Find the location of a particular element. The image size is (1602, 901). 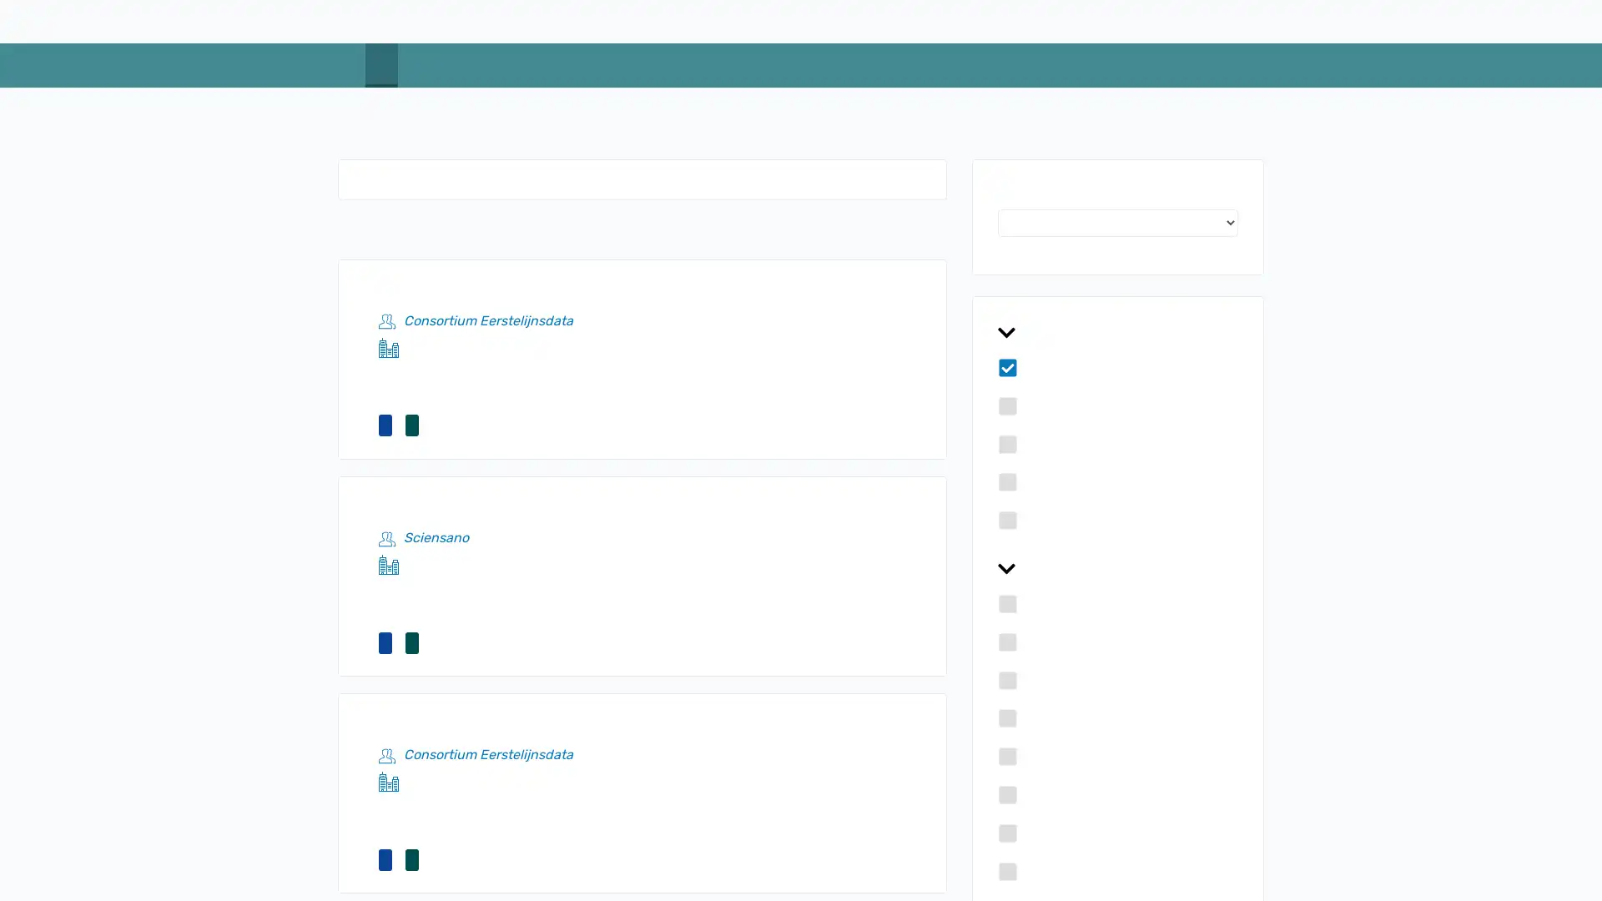

Tags is located at coordinates (1117, 569).